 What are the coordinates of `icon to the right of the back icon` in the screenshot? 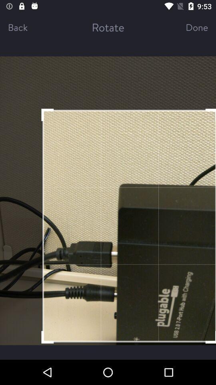 It's located at (108, 27).